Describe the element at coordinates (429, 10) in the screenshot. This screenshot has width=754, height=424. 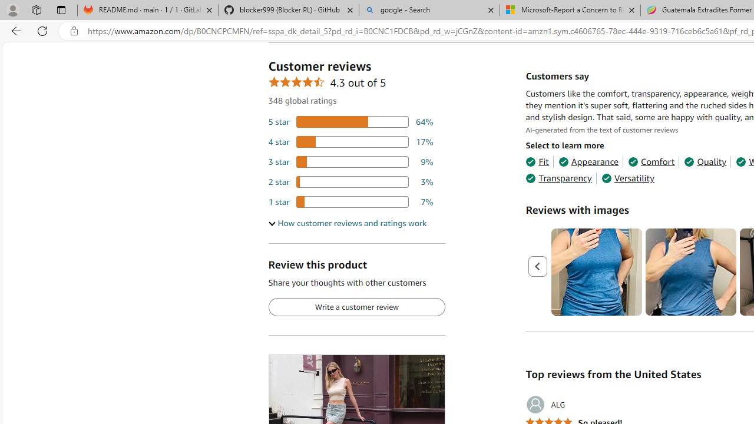
I see `'google - Search'` at that location.